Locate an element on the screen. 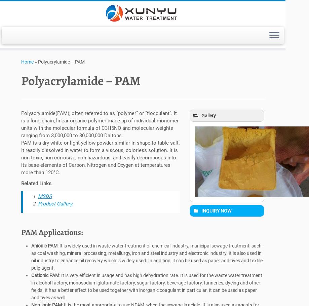  'MSDS' is located at coordinates (44, 198).